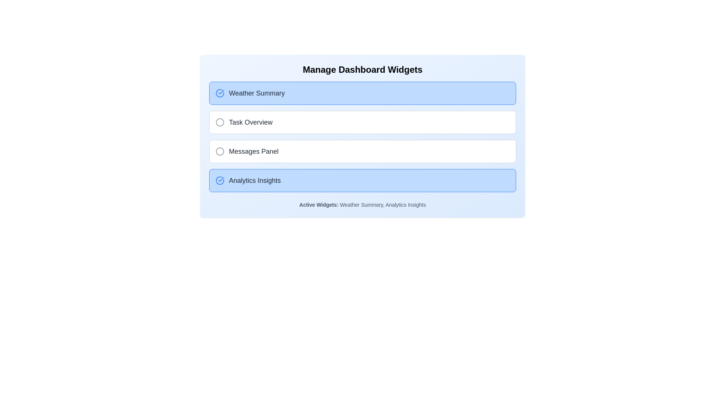 The height and width of the screenshot is (403, 716). Describe the element at coordinates (362, 151) in the screenshot. I see `to select the 'Messages Panel' card, which is the third item in a vertical stack of four cards under the 'Manage Dashboard Widgets' section` at that location.